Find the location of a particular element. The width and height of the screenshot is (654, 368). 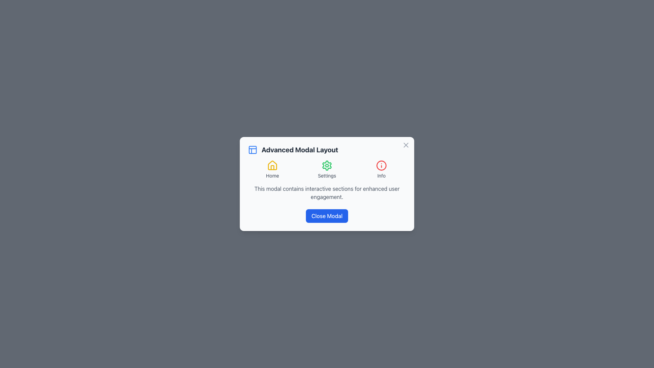

the prominent text label 'Advanced Modal Layout' with an icon, located centrally in the modal's header is located at coordinates (327, 149).